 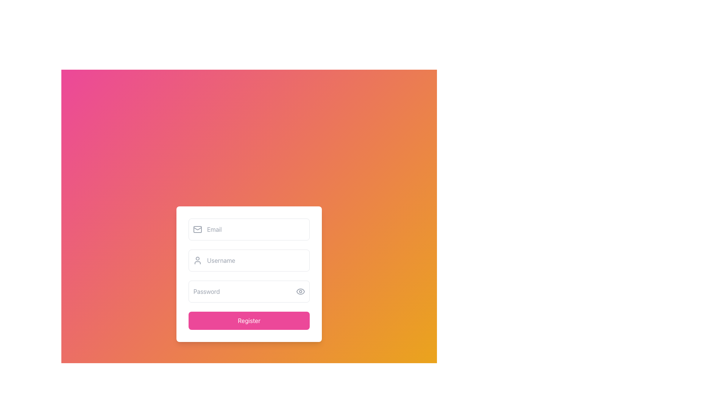 I want to click on the eye icon toggle button located at the far right of the password input field, so click(x=300, y=291).